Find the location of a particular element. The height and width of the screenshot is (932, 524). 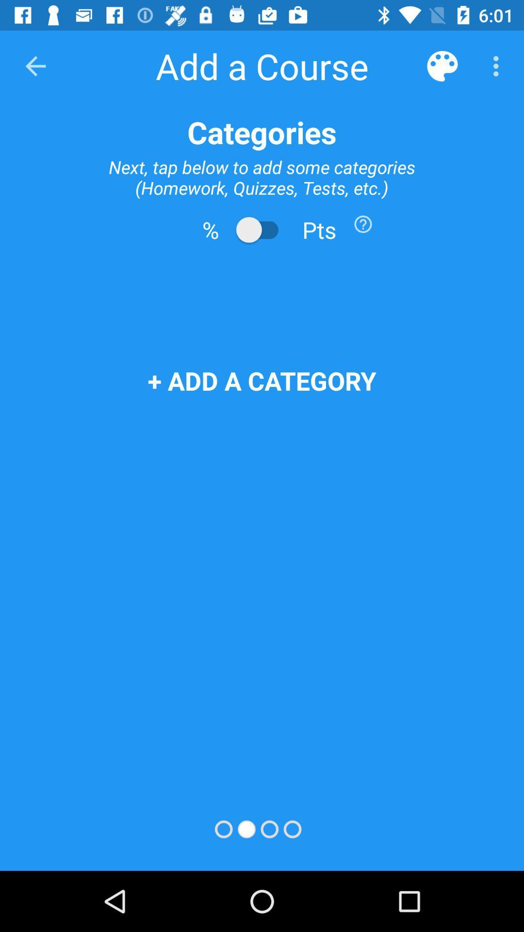

switch from percents to points is located at coordinates (262, 229).